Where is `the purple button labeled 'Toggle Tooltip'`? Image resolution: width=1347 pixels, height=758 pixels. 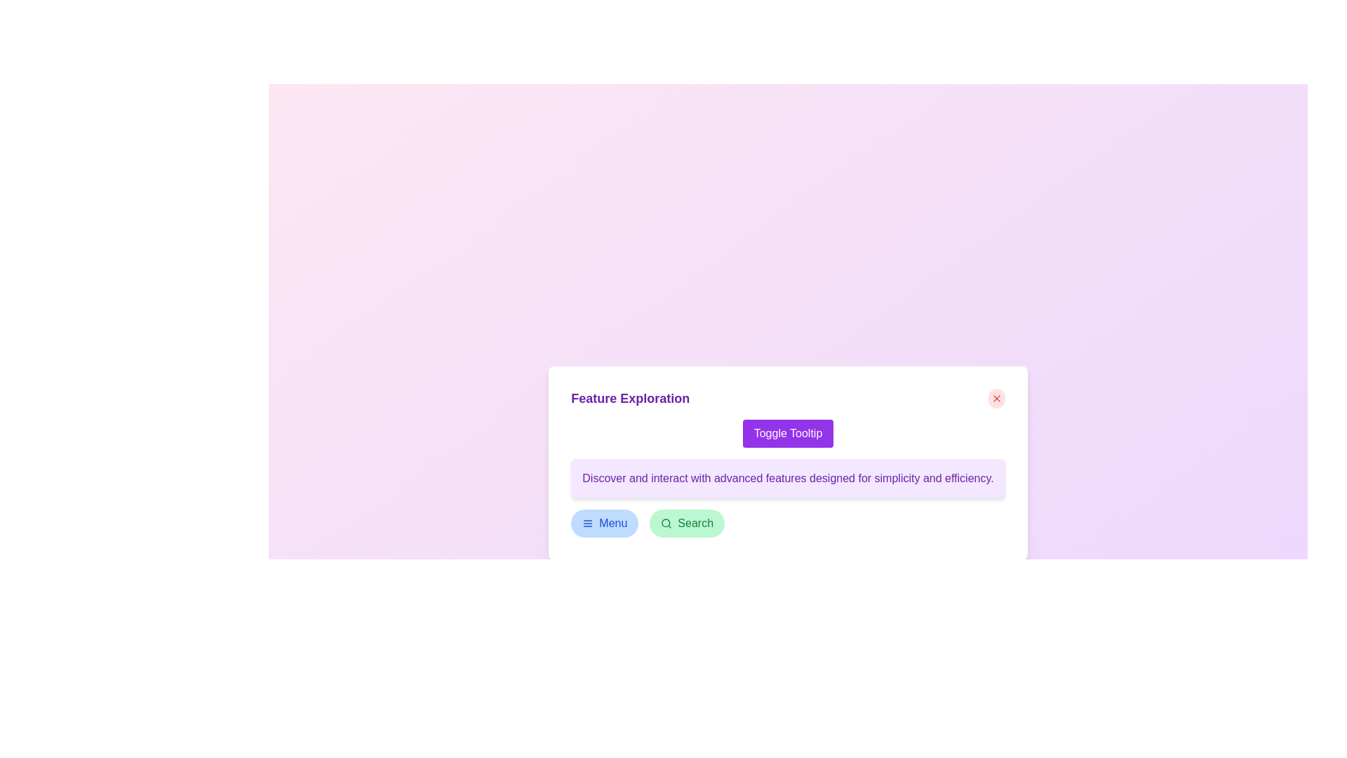 the purple button labeled 'Toggle Tooltip' is located at coordinates (788, 432).